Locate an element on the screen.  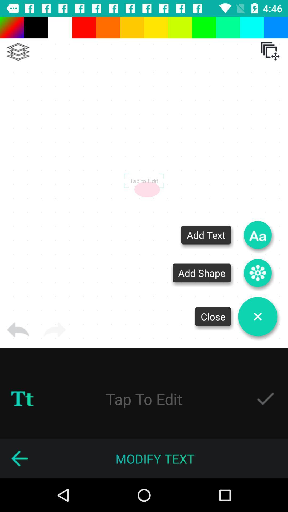
the text beside the add text icon is located at coordinates (206, 235).